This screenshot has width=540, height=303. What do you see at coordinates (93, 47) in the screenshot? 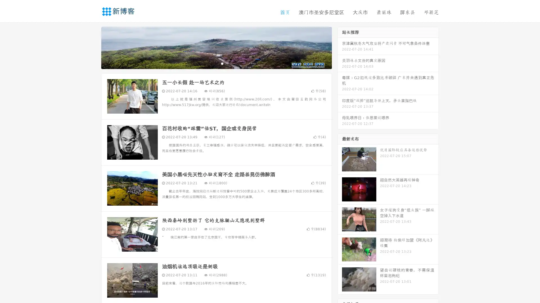
I see `Previous slide` at bounding box center [93, 47].